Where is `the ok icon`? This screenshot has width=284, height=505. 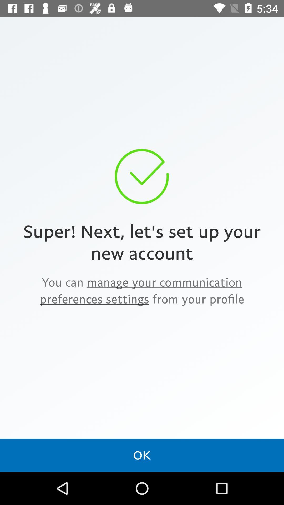
the ok icon is located at coordinates (142, 455).